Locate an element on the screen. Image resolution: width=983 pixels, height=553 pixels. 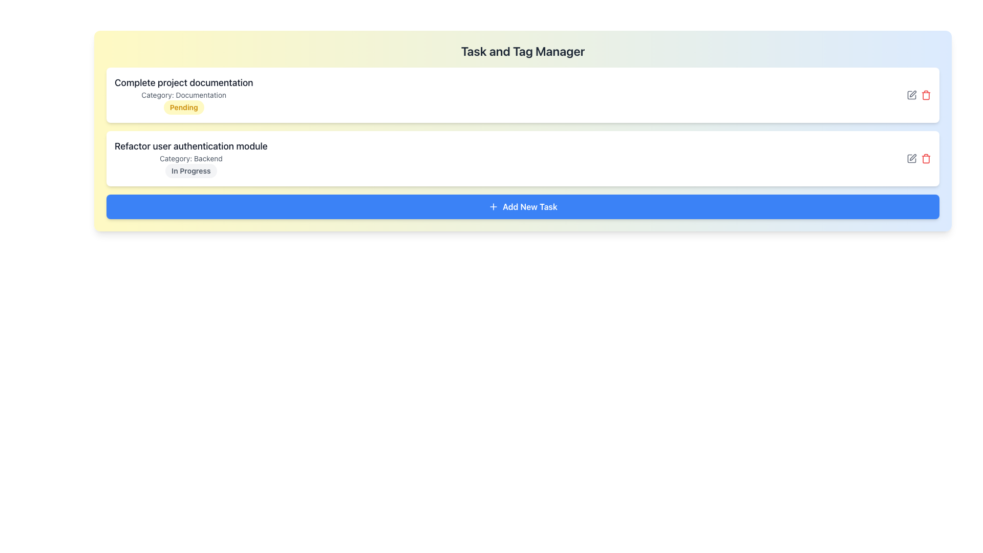
the pen icon representing an edit graphic in the task management interface is located at coordinates (913, 94).